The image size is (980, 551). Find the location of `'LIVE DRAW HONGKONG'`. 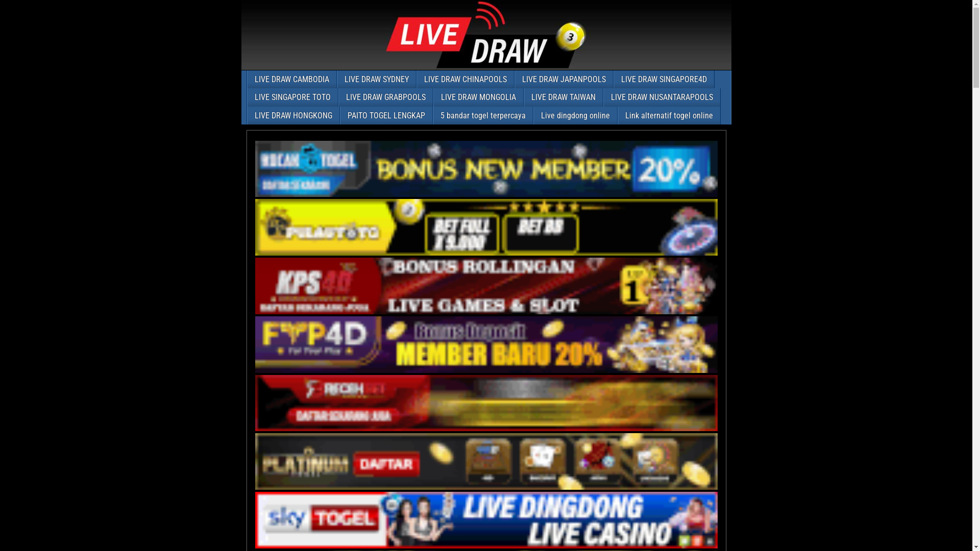

'LIVE DRAW HONGKONG' is located at coordinates (292, 115).